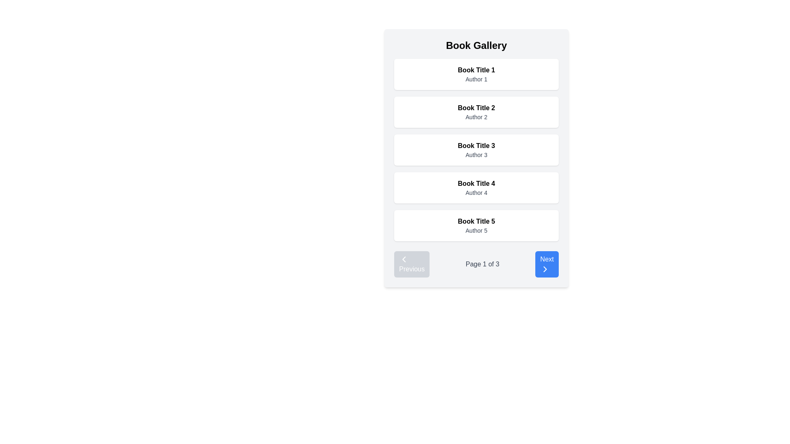 The height and width of the screenshot is (444, 790). What do you see at coordinates (476, 112) in the screenshot?
I see `title 'Book Title 2' and author 'Author 2' from the second informational card in a vertically stacked list of five cards, which has a white background and rounded corners` at bounding box center [476, 112].